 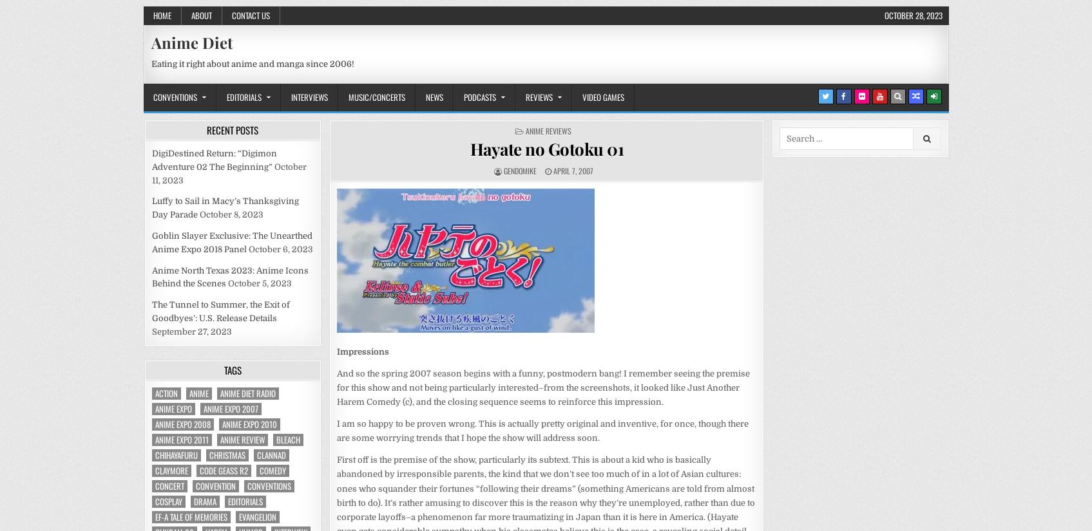 What do you see at coordinates (198, 393) in the screenshot?
I see `'anime'` at bounding box center [198, 393].